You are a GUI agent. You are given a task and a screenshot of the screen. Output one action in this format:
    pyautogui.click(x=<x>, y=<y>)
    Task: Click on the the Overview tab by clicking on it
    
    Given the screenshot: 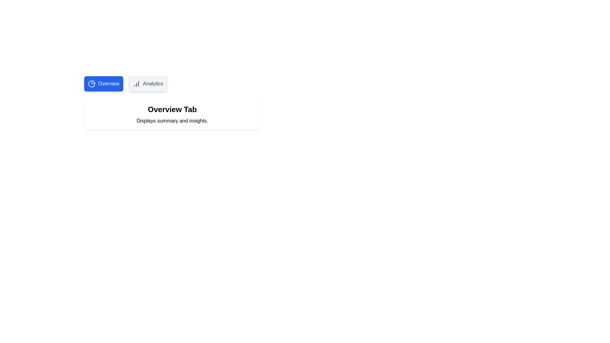 What is the action you would take?
    pyautogui.click(x=104, y=83)
    